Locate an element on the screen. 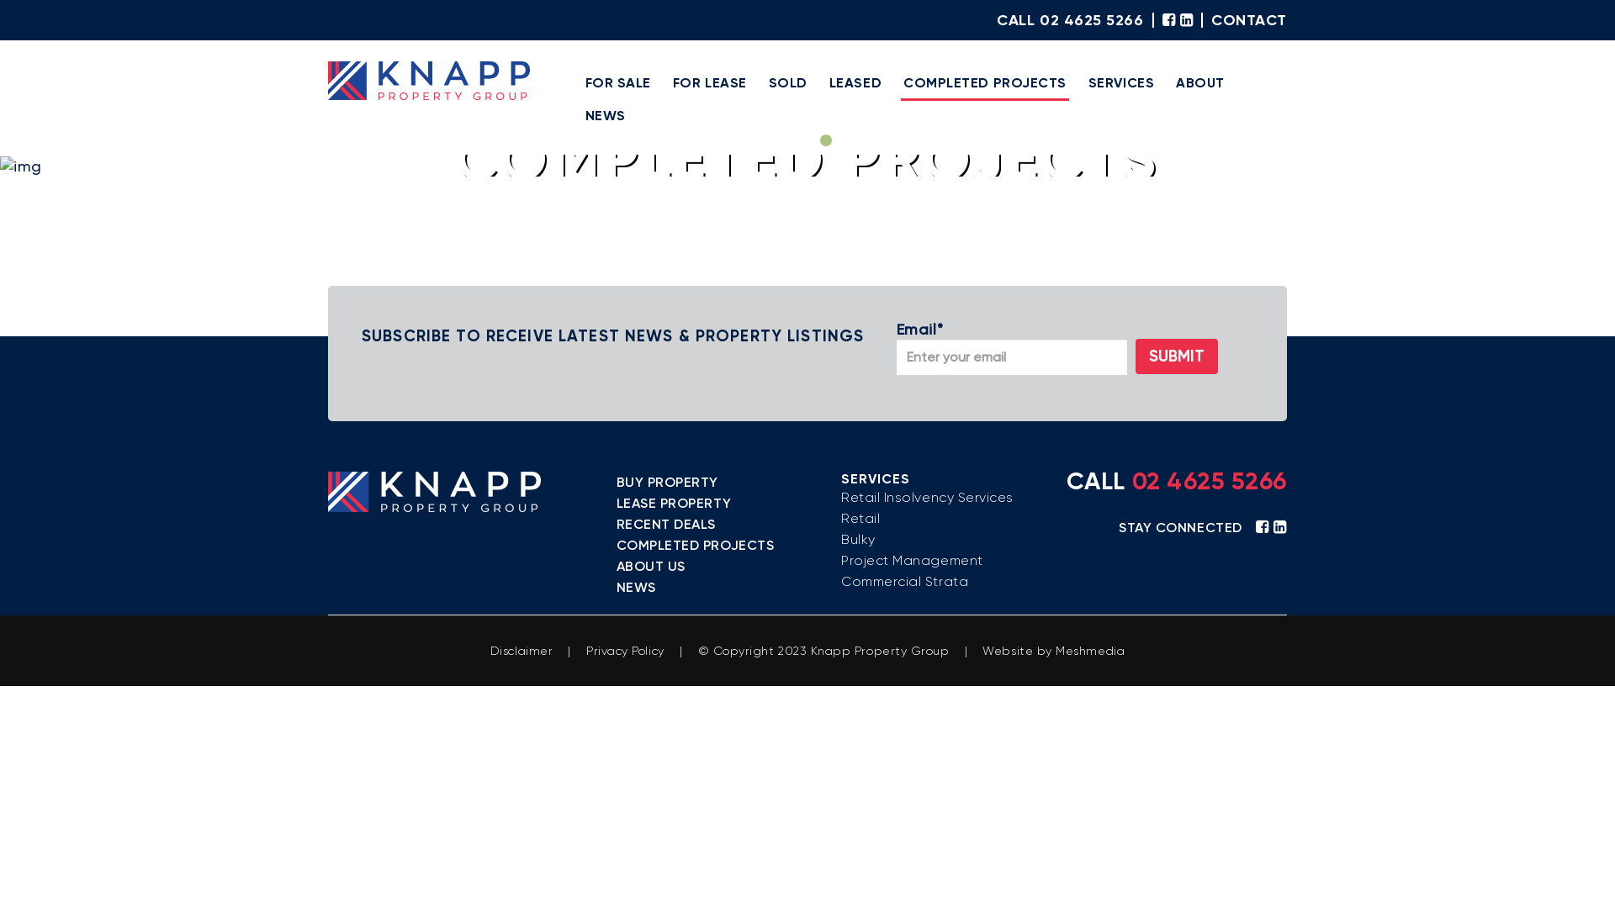  'CONTACT' is located at coordinates (1243, 19).